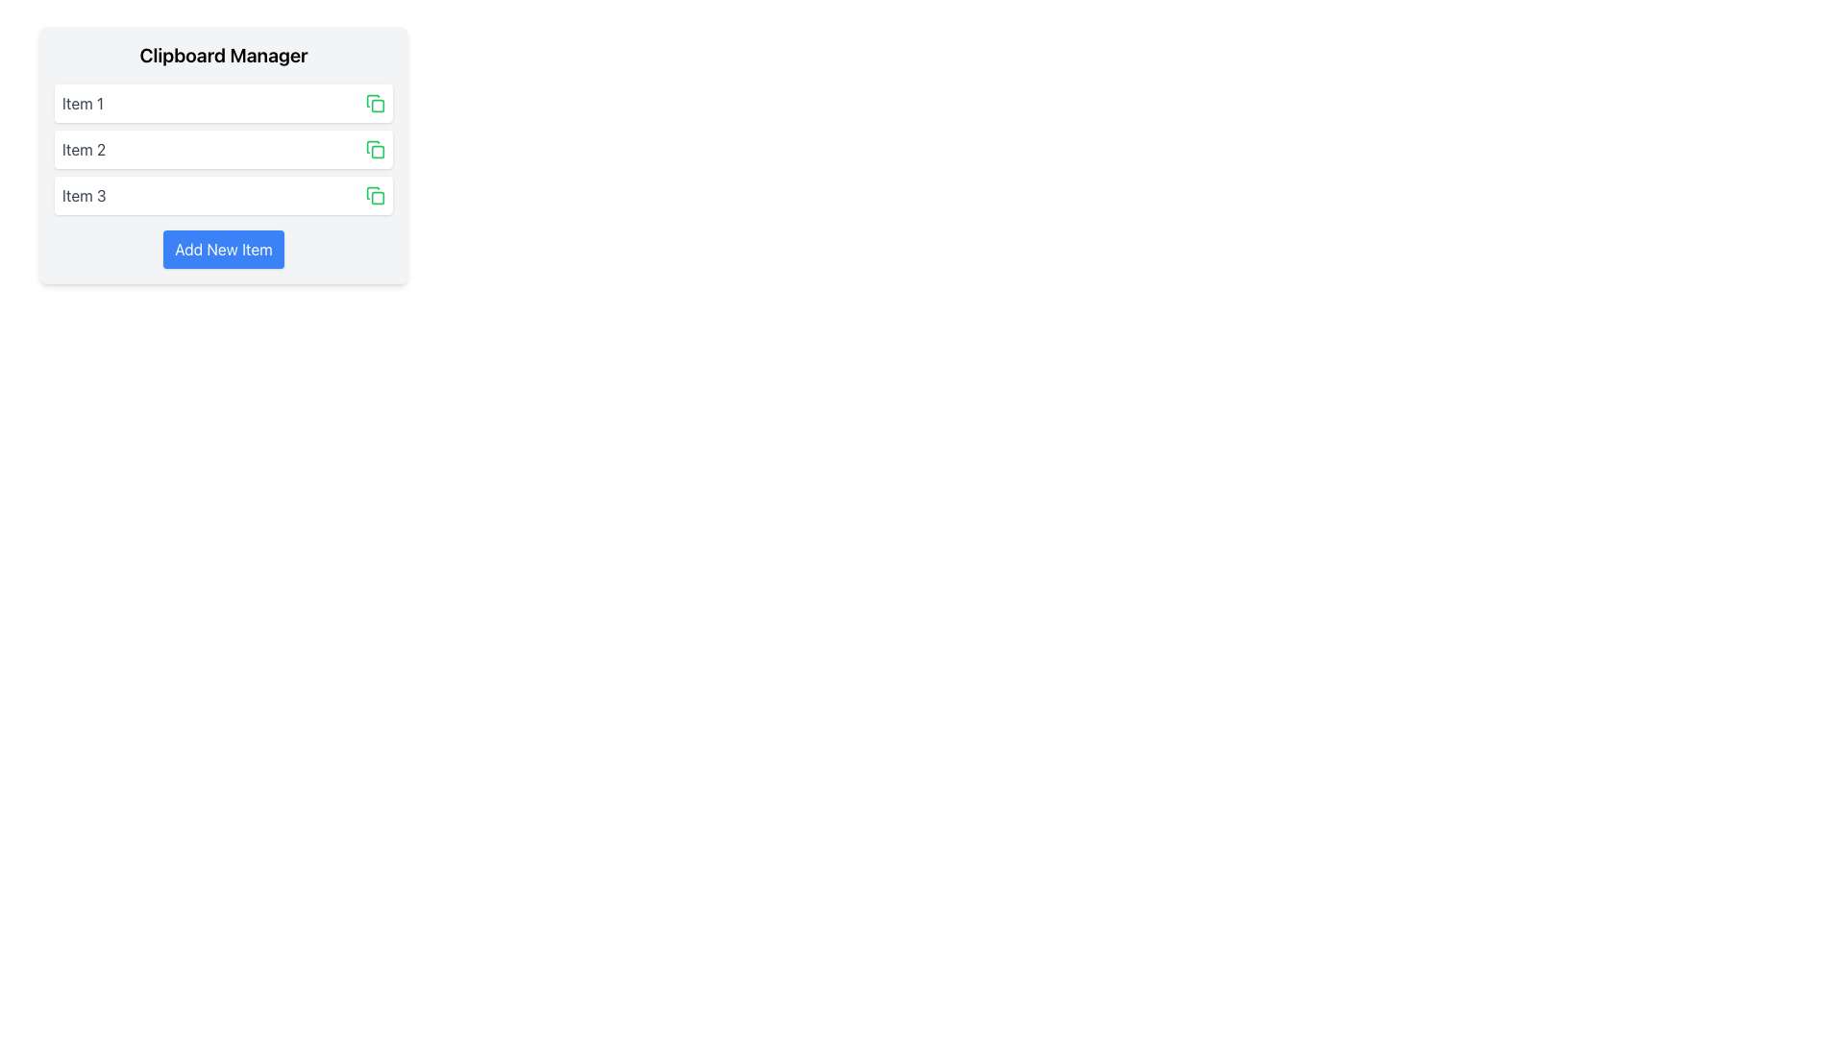  Describe the element at coordinates (223, 248) in the screenshot. I see `the rectangular blue button labeled 'Add New Item' located at the bottom center of the 'Clipboard Manager' panel to initiate adding a new item` at that location.